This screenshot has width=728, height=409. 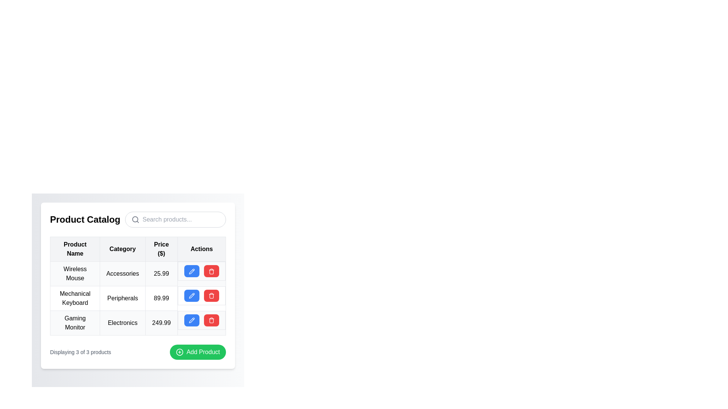 What do you see at coordinates (202, 295) in the screenshot?
I see `the blue edit button located in the 'Actions' column of the row labeled 'Mechanical Keyboard' to modify details` at bounding box center [202, 295].